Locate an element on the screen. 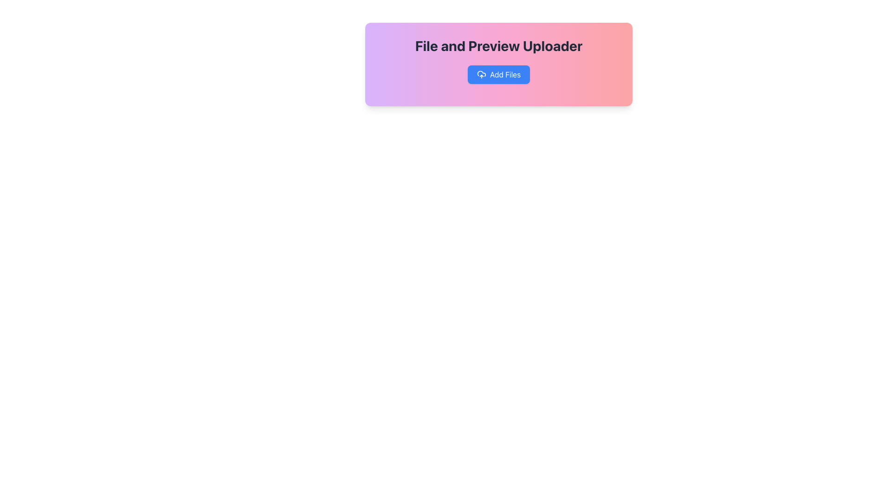  the 'Add Files' button located in the lower half of the card-like component is located at coordinates (505, 74).